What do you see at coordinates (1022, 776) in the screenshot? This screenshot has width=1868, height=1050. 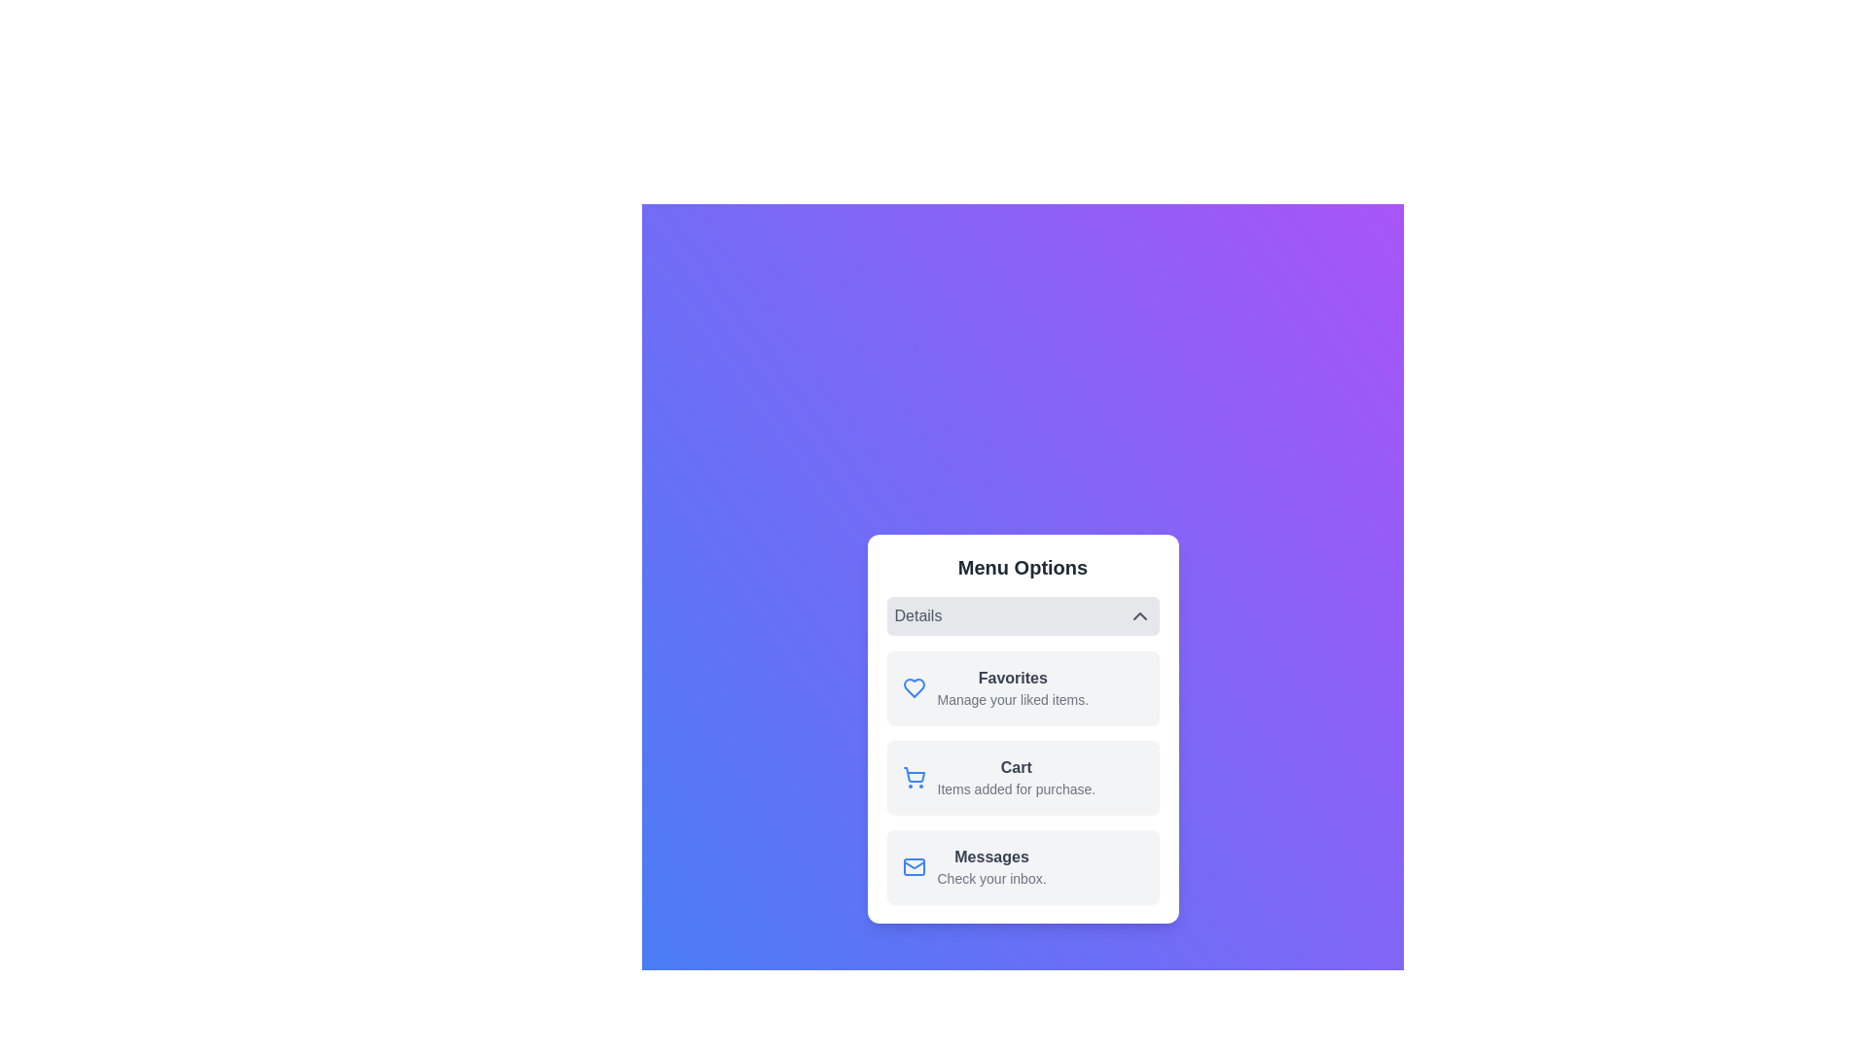 I see `the menu item labeled Cart` at bounding box center [1022, 776].